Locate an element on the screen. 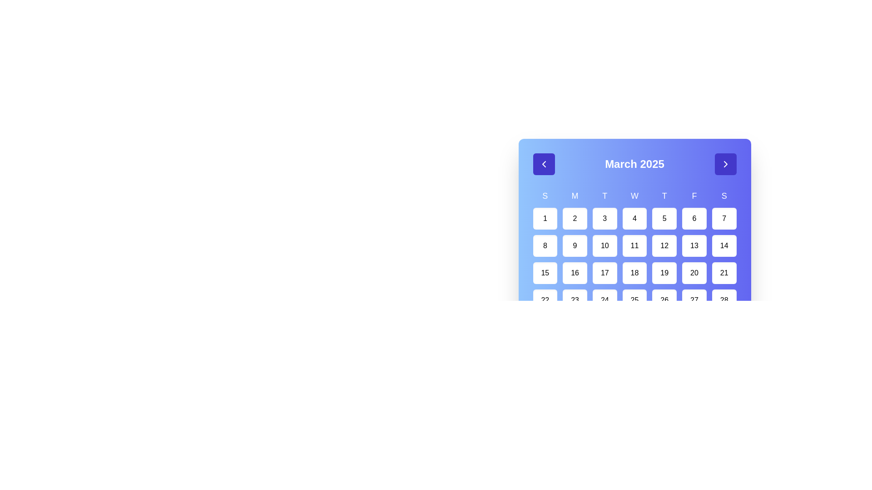  the bold text label 'M' representing Monday in the weekly calendar layout, which is styled with white text on a blue background is located at coordinates (575, 196).